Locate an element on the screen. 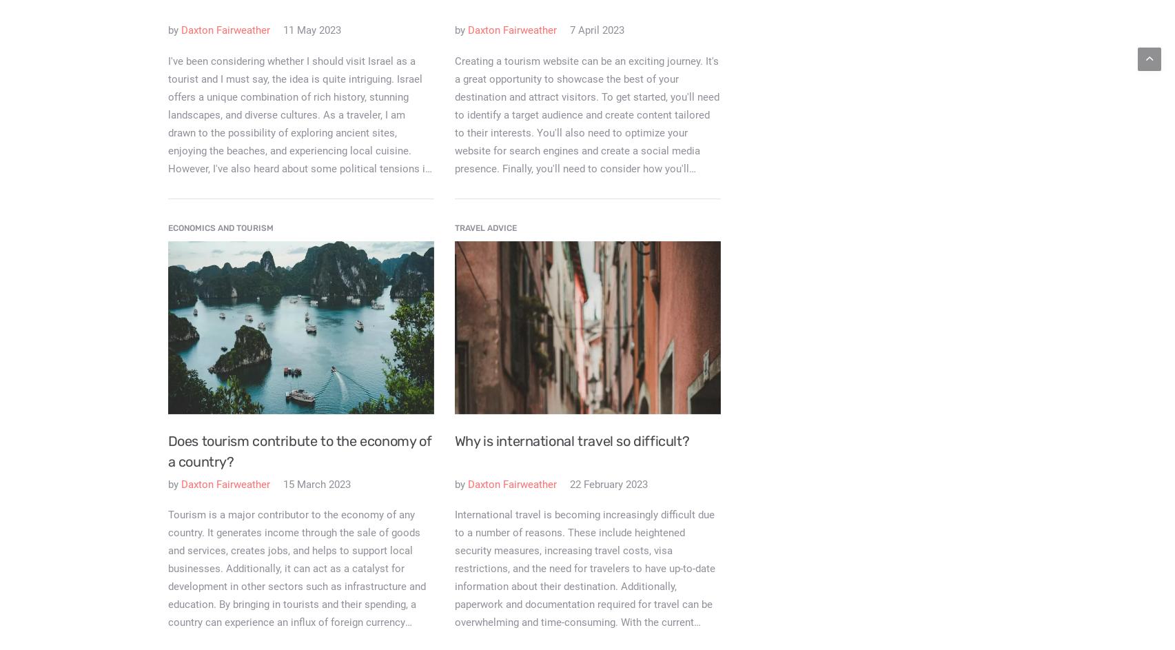 The height and width of the screenshot is (650, 1175). 'Economics and Tourism' is located at coordinates (219, 227).